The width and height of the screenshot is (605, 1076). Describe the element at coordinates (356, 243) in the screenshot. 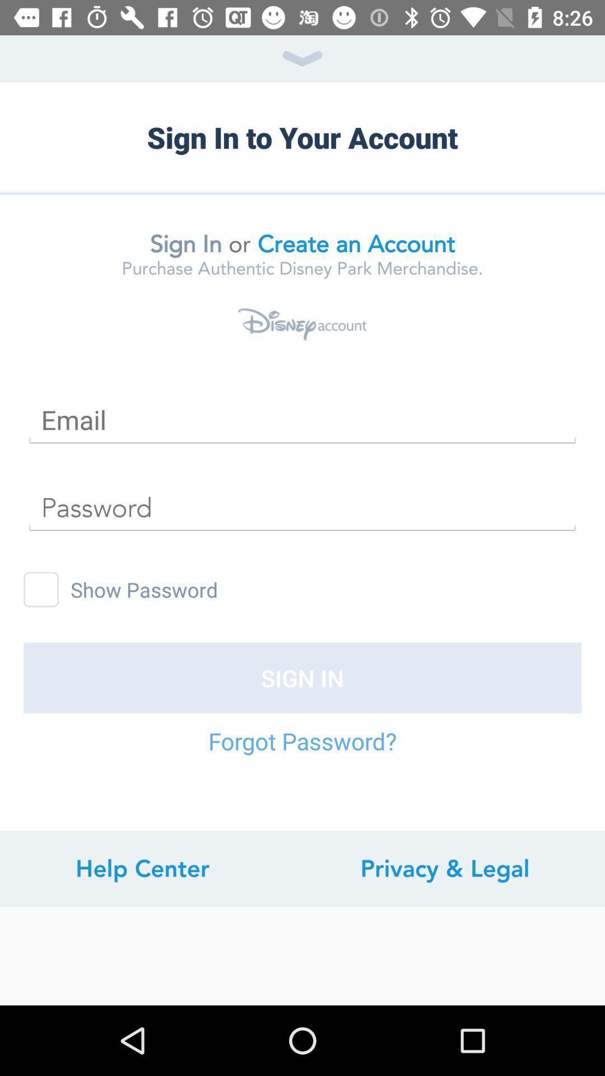

I see `create an account item` at that location.